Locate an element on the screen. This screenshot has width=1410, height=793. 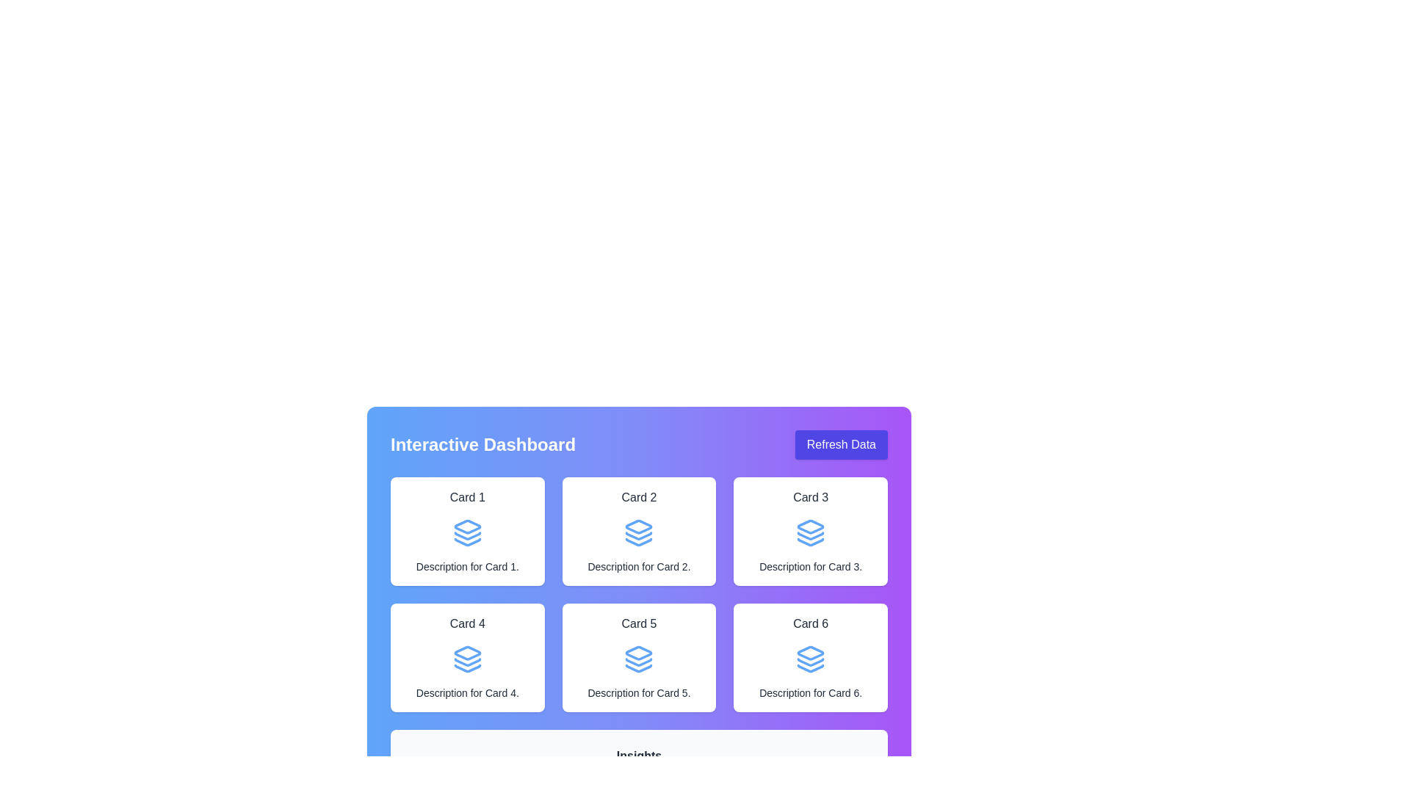
the static text label that describes 'Card 4', located beneath its icon and heading in the second row, first column of the grid is located at coordinates (466, 693).